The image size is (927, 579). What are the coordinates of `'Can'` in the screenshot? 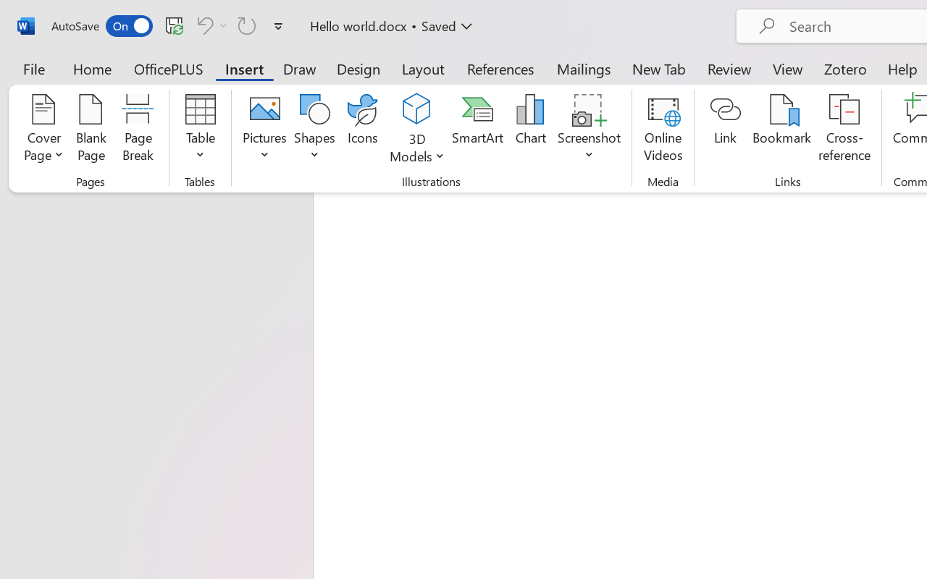 It's located at (209, 25).